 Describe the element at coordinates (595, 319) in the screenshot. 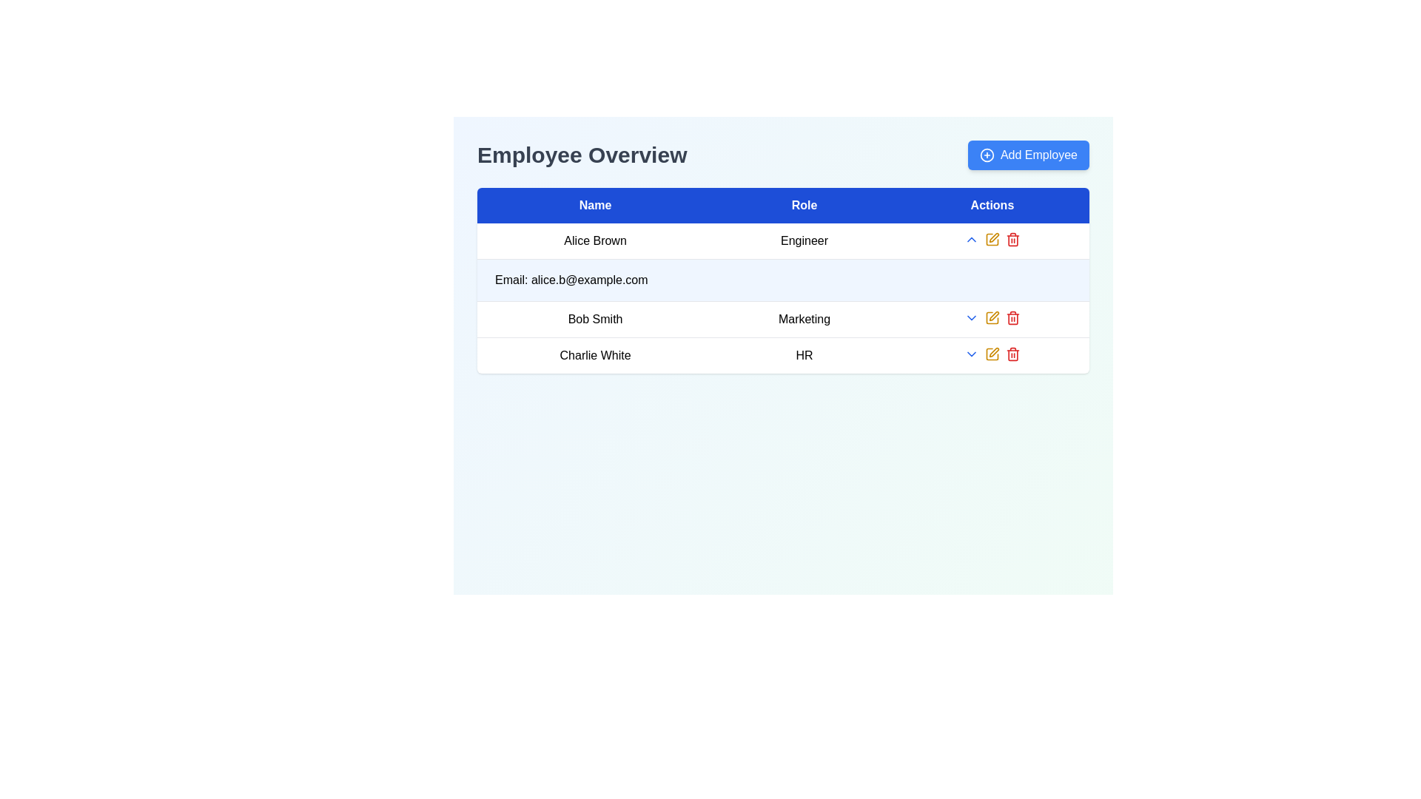

I see `the text label indicating the name of the employee, located in the first column of the second row of the table under the 'Name' header, adjacent to 'Marketing' in the 'Role' column` at that location.